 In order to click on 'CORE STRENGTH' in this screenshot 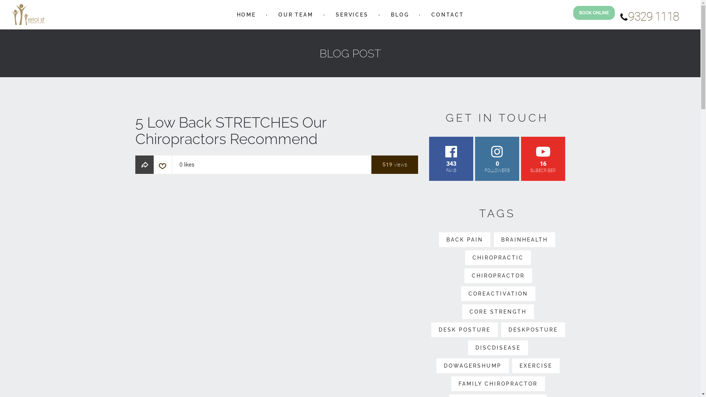, I will do `click(462, 312)`.